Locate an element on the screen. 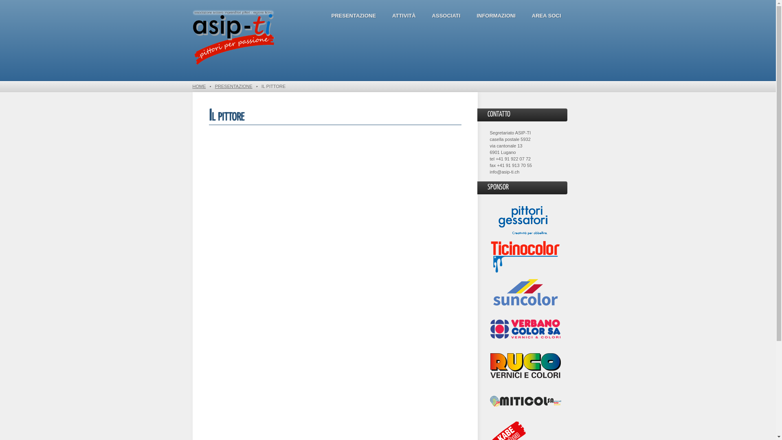 The image size is (782, 440). 'Associazione Svizzera Imprenditori Pittori - Regione Ticino' is located at coordinates (191, 37).